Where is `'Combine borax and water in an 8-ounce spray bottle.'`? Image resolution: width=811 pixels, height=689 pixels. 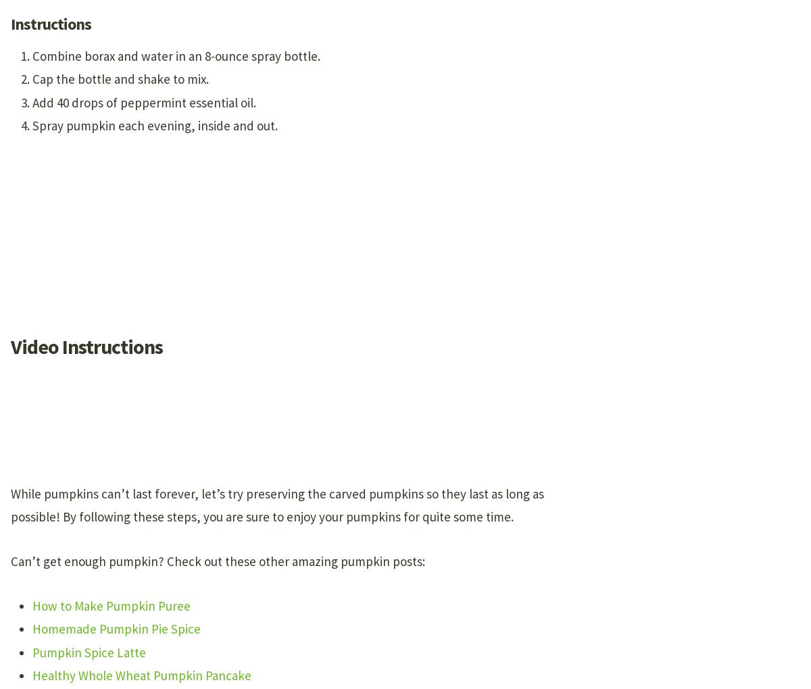
'Combine borax and water in an 8-ounce spray bottle.' is located at coordinates (32, 56).